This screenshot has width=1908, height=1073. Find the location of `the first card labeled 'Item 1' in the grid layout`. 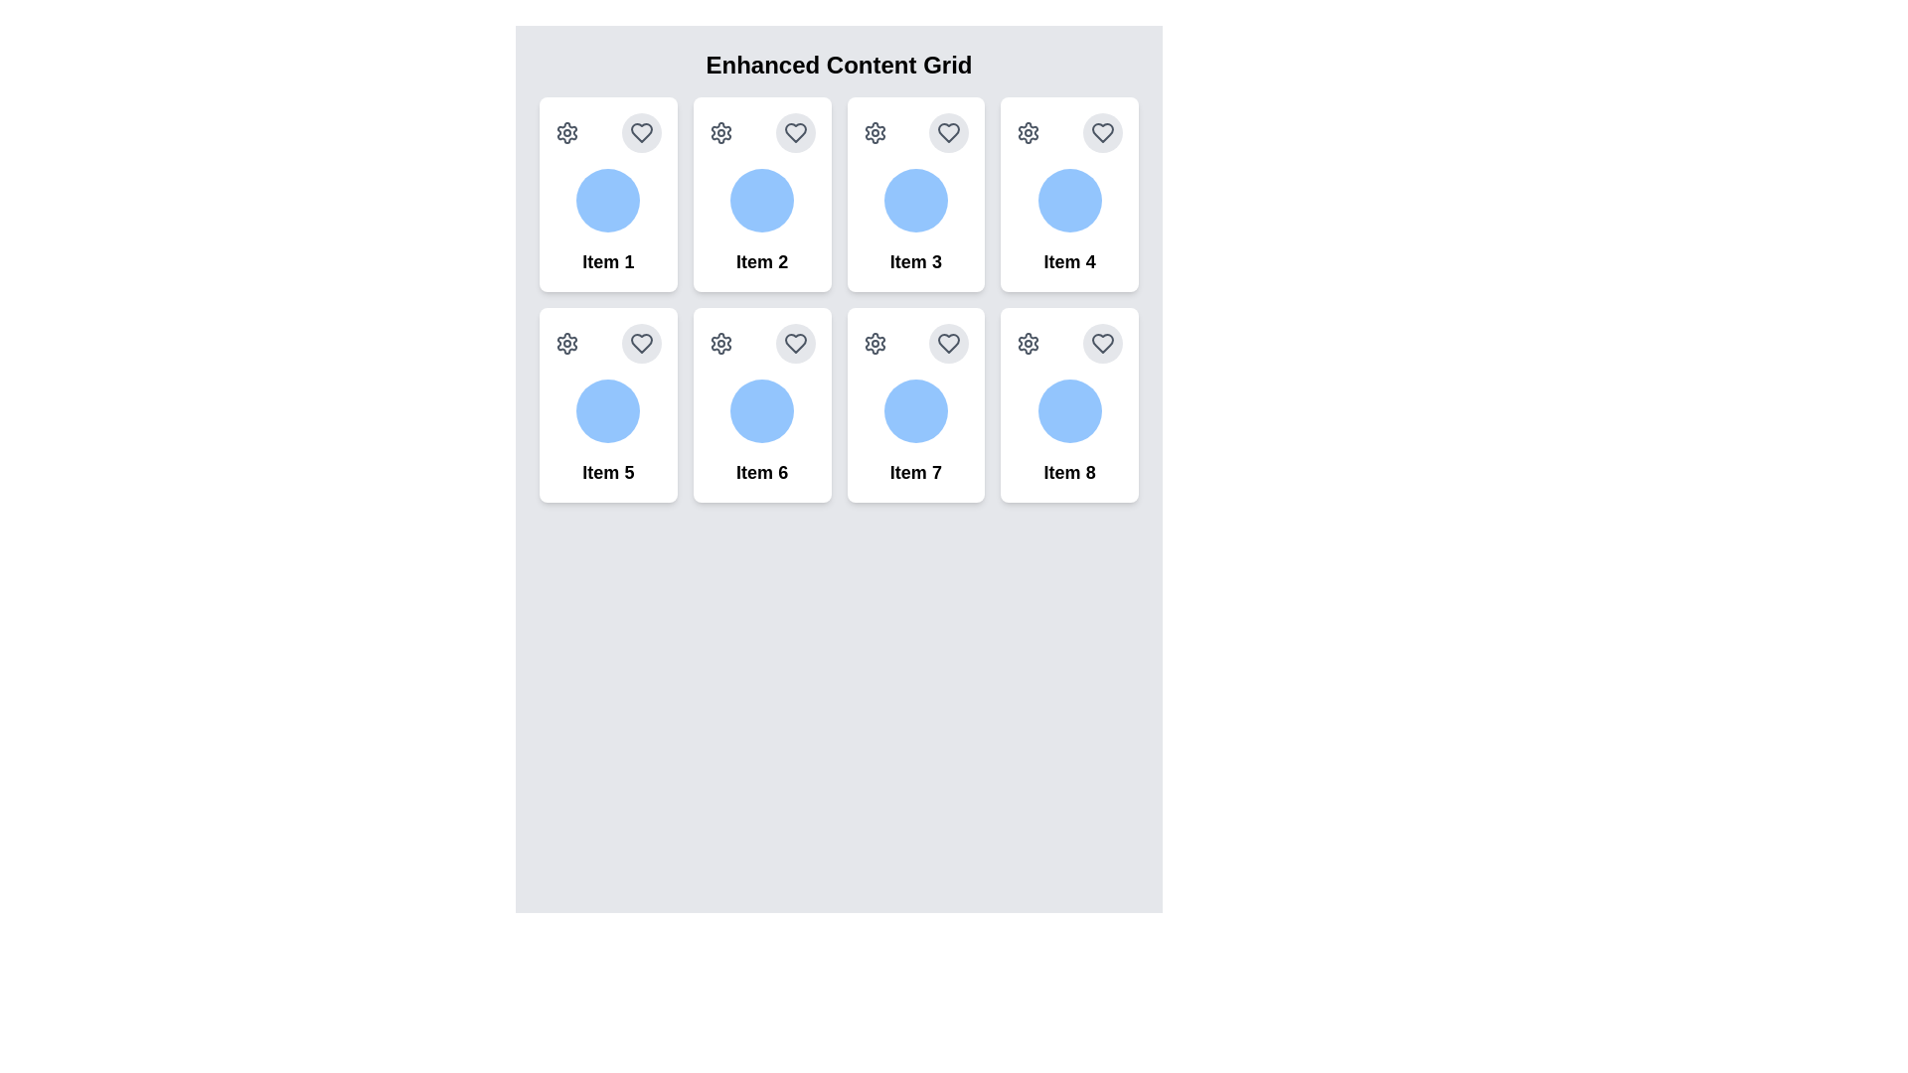

the first card labeled 'Item 1' in the grid layout is located at coordinates (607, 195).